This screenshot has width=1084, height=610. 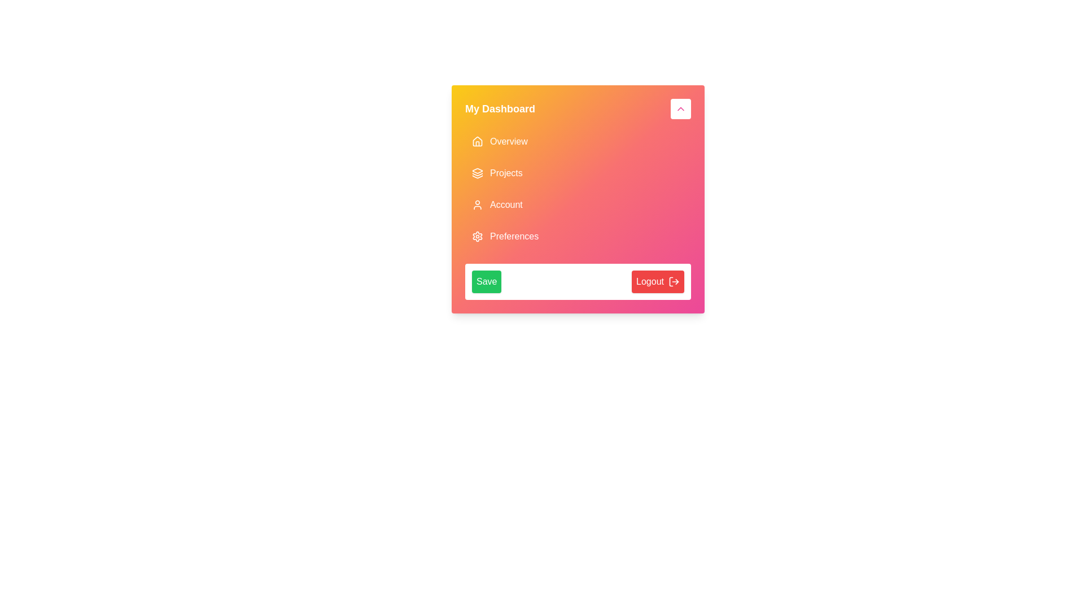 What do you see at coordinates (477, 141) in the screenshot?
I see `the house icon located to the left of the 'Overview' button` at bounding box center [477, 141].